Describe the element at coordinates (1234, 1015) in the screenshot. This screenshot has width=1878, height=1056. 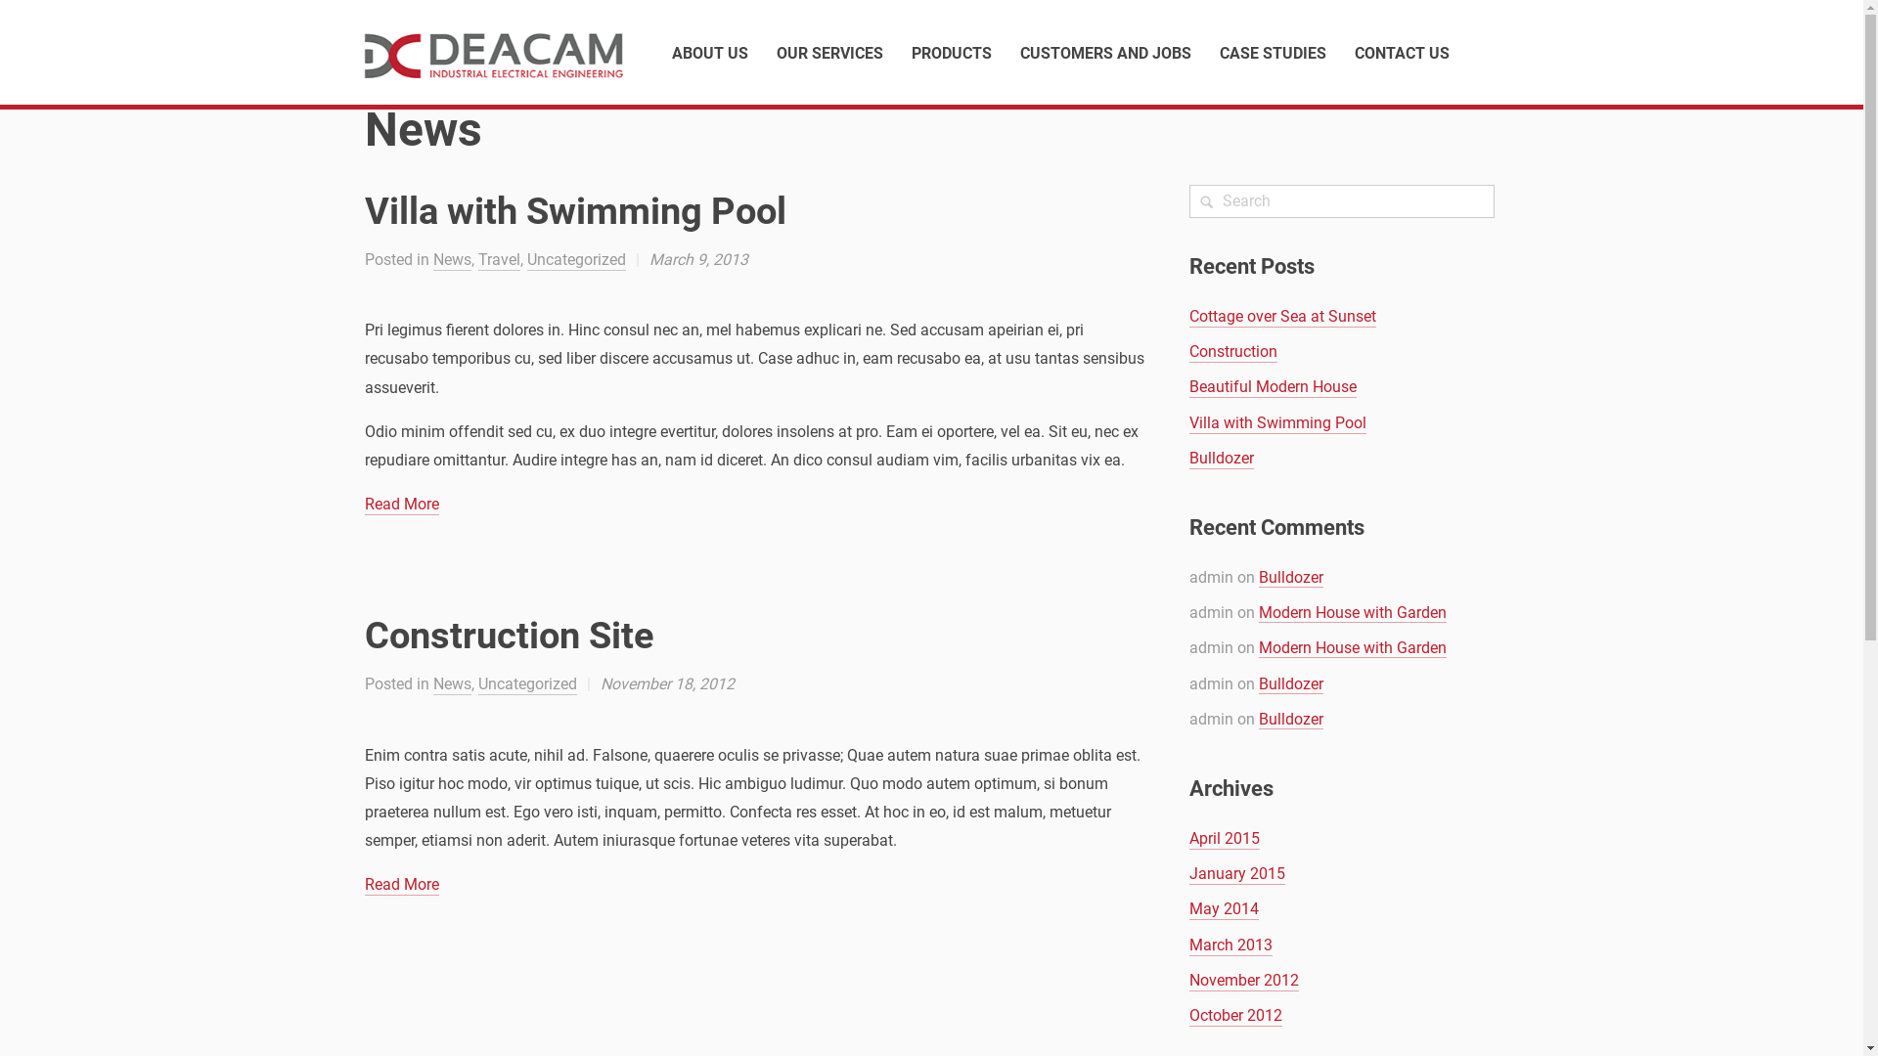
I see `'October 2012'` at that location.